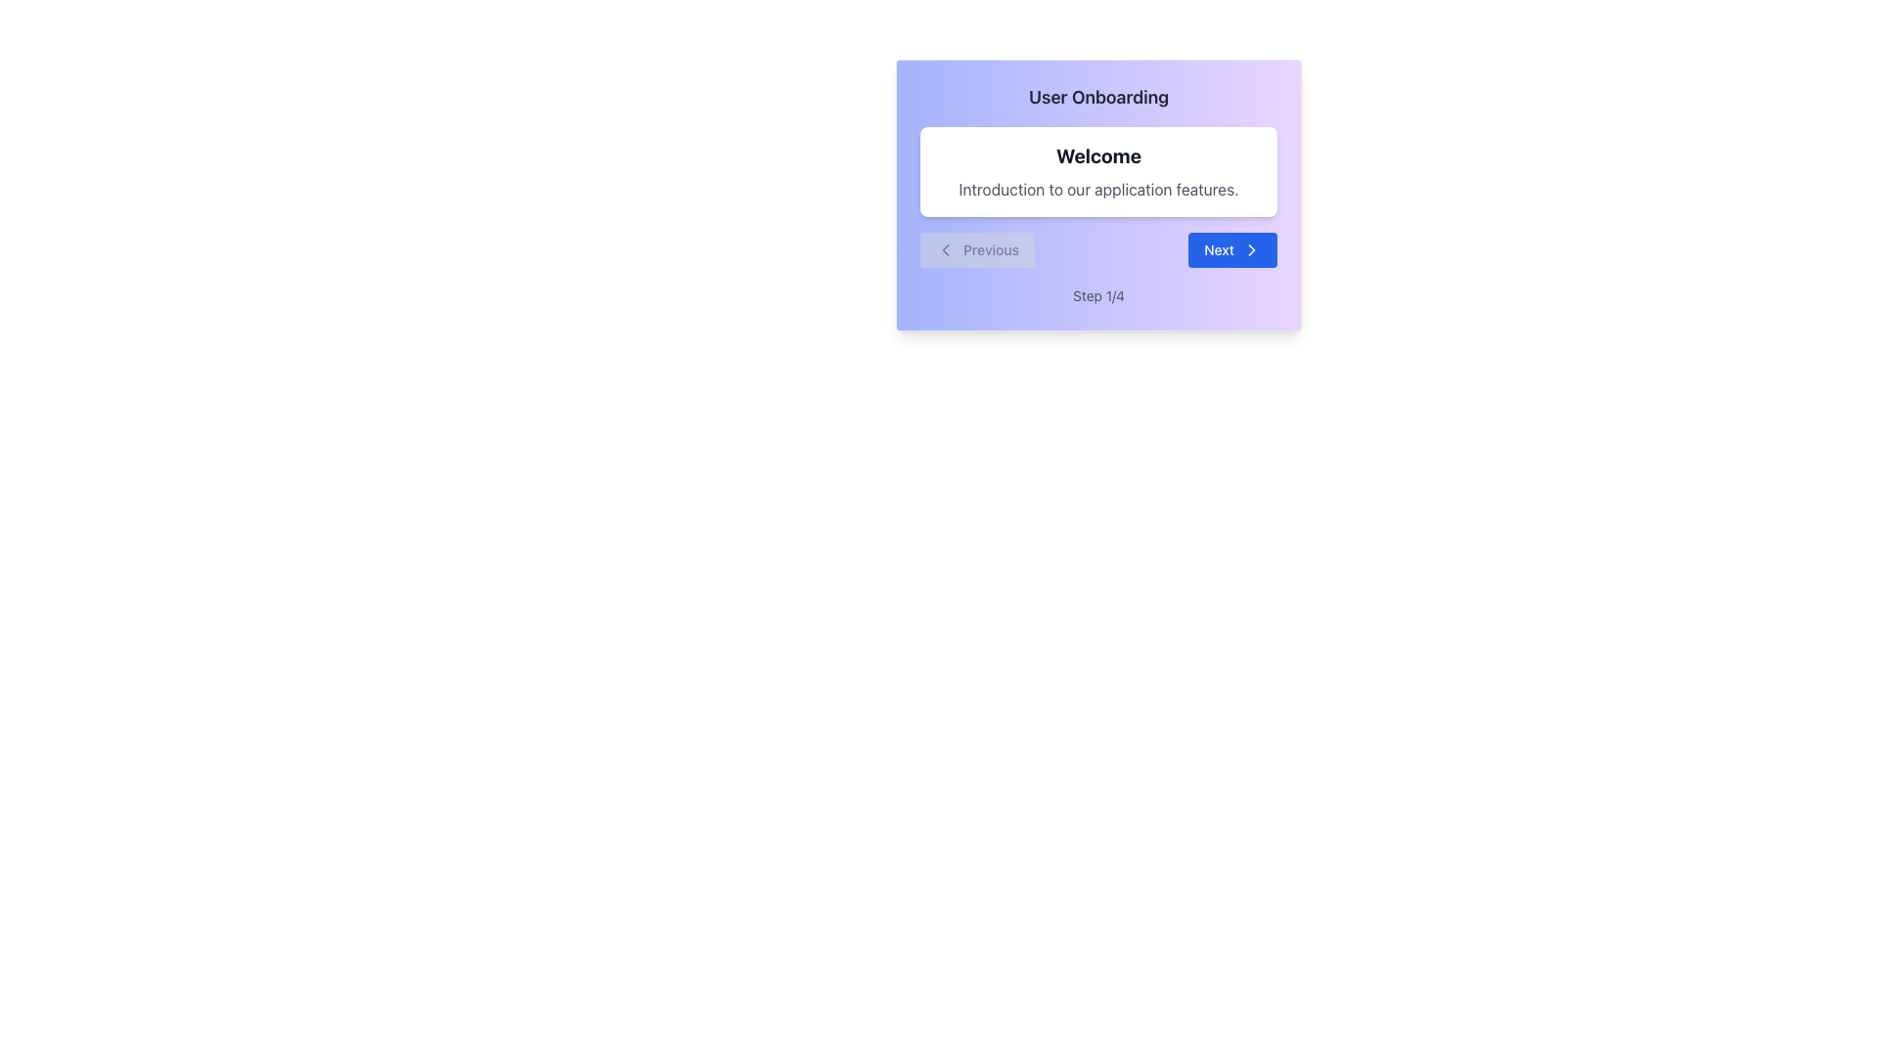 Image resolution: width=1878 pixels, height=1056 pixels. What do you see at coordinates (1252, 248) in the screenshot?
I see `the right-pointing chevron icon located within the blue 'Next' button at the bottom-right corner of the onboarding modal` at bounding box center [1252, 248].